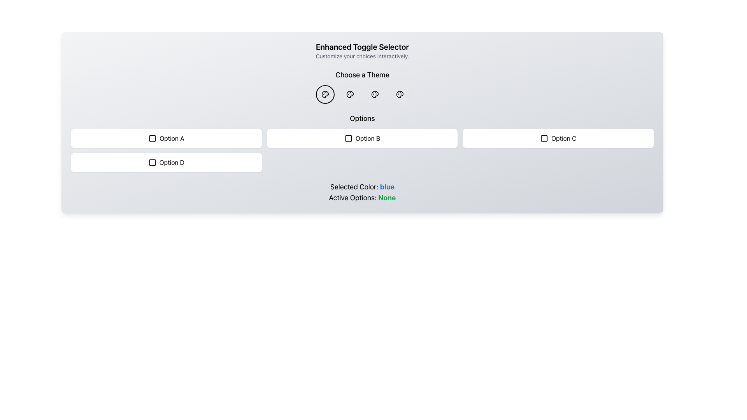 The image size is (747, 420). I want to click on the checkbox icon for 'Option B', so click(348, 138).